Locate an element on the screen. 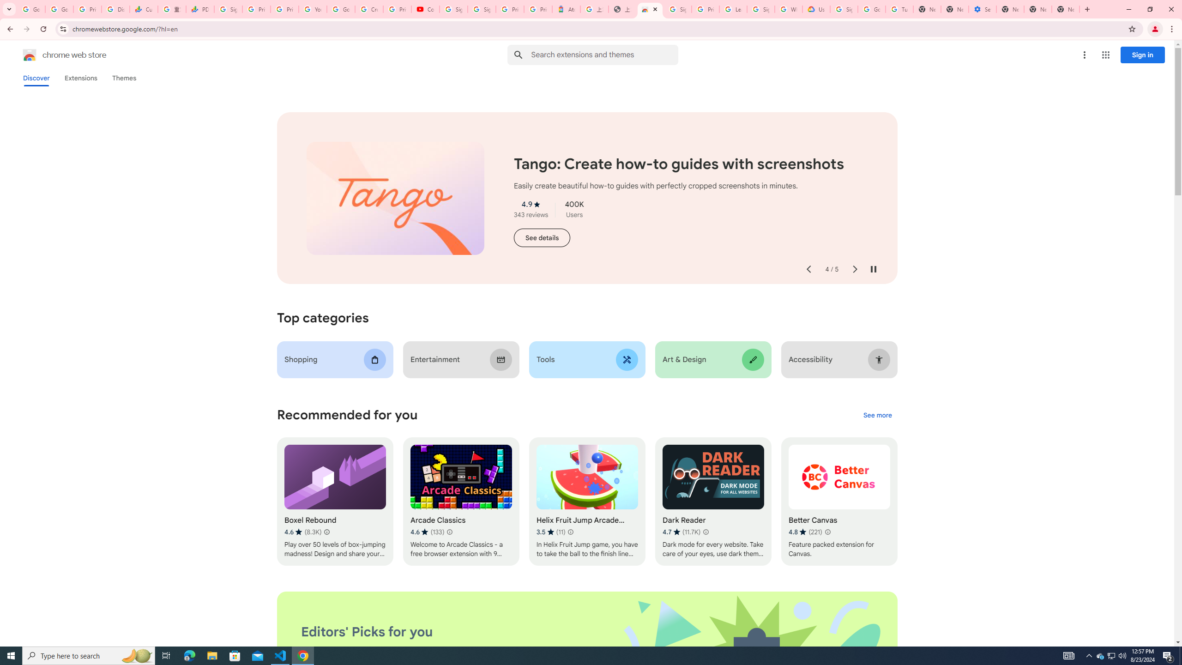  'Next slide' is located at coordinates (854, 269).